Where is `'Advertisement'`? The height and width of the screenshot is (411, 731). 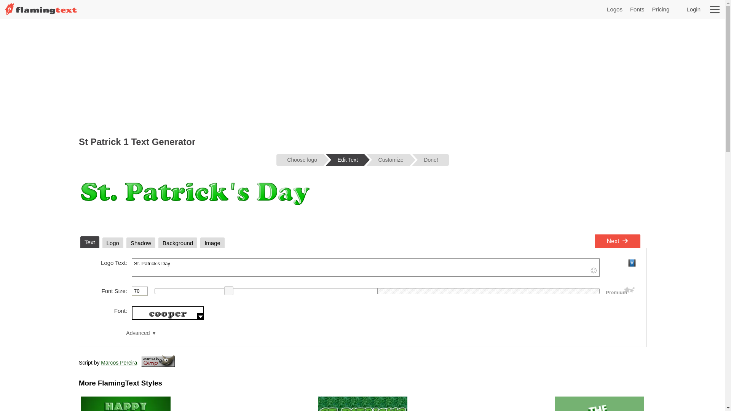 'Advertisement' is located at coordinates (362, 76).